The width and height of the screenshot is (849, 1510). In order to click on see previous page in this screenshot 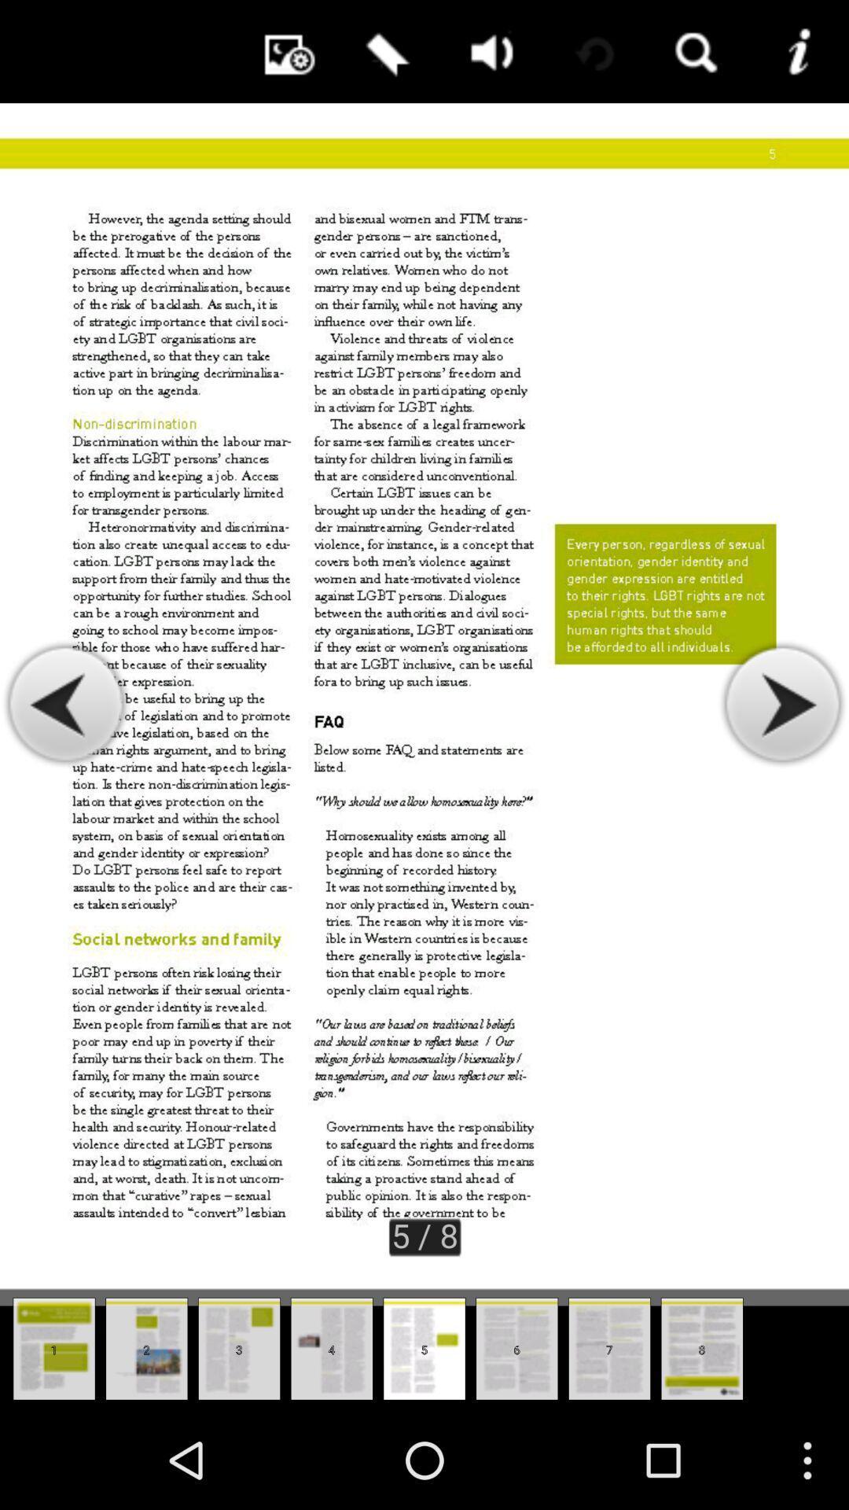, I will do `click(65, 704)`.